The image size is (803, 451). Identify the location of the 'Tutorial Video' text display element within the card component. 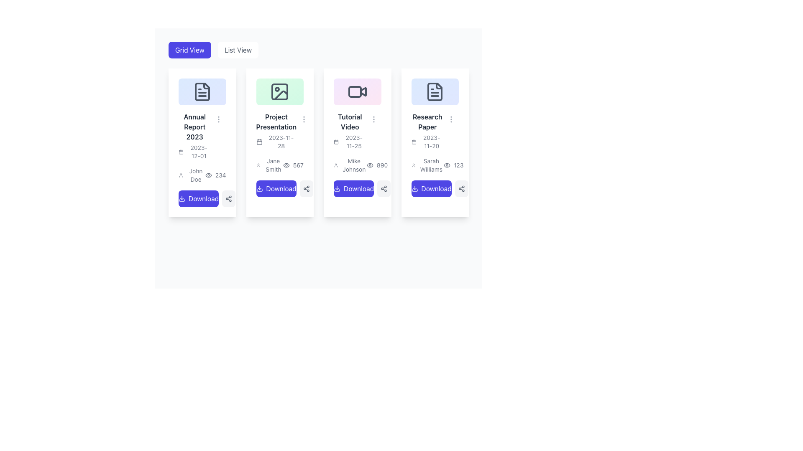
(357, 131).